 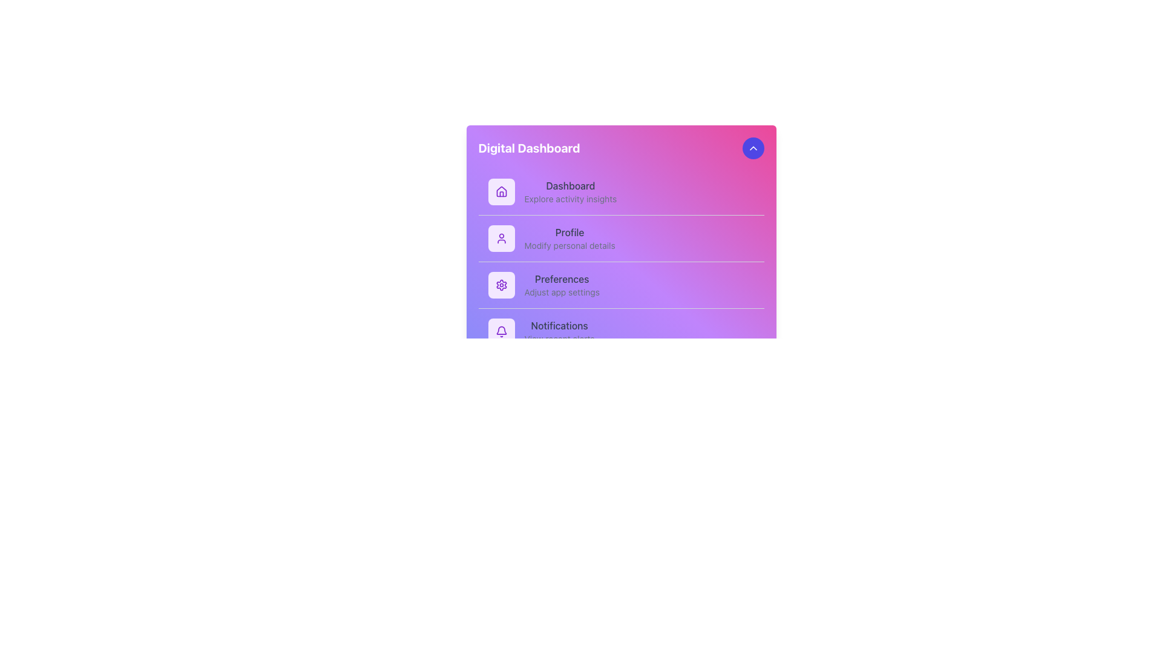 What do you see at coordinates (570, 186) in the screenshot?
I see `the 'Dashboard' text label located at the top of the vertical menu panel, adjacent to the home icon` at bounding box center [570, 186].